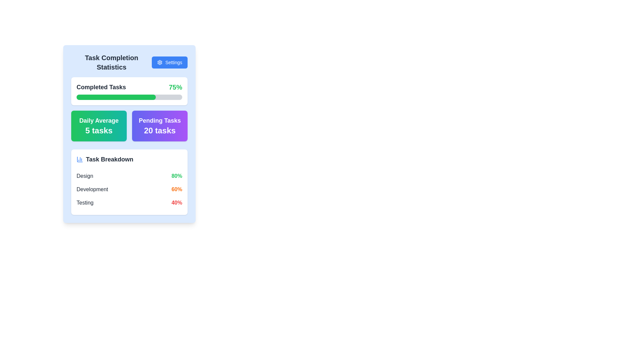 The width and height of the screenshot is (642, 361). Describe the element at coordinates (84, 176) in the screenshot. I see `the 'Design' label in the task breakdown list, which is displayed in black color and is positioned to the left of the '80%' percentage indicator` at that location.